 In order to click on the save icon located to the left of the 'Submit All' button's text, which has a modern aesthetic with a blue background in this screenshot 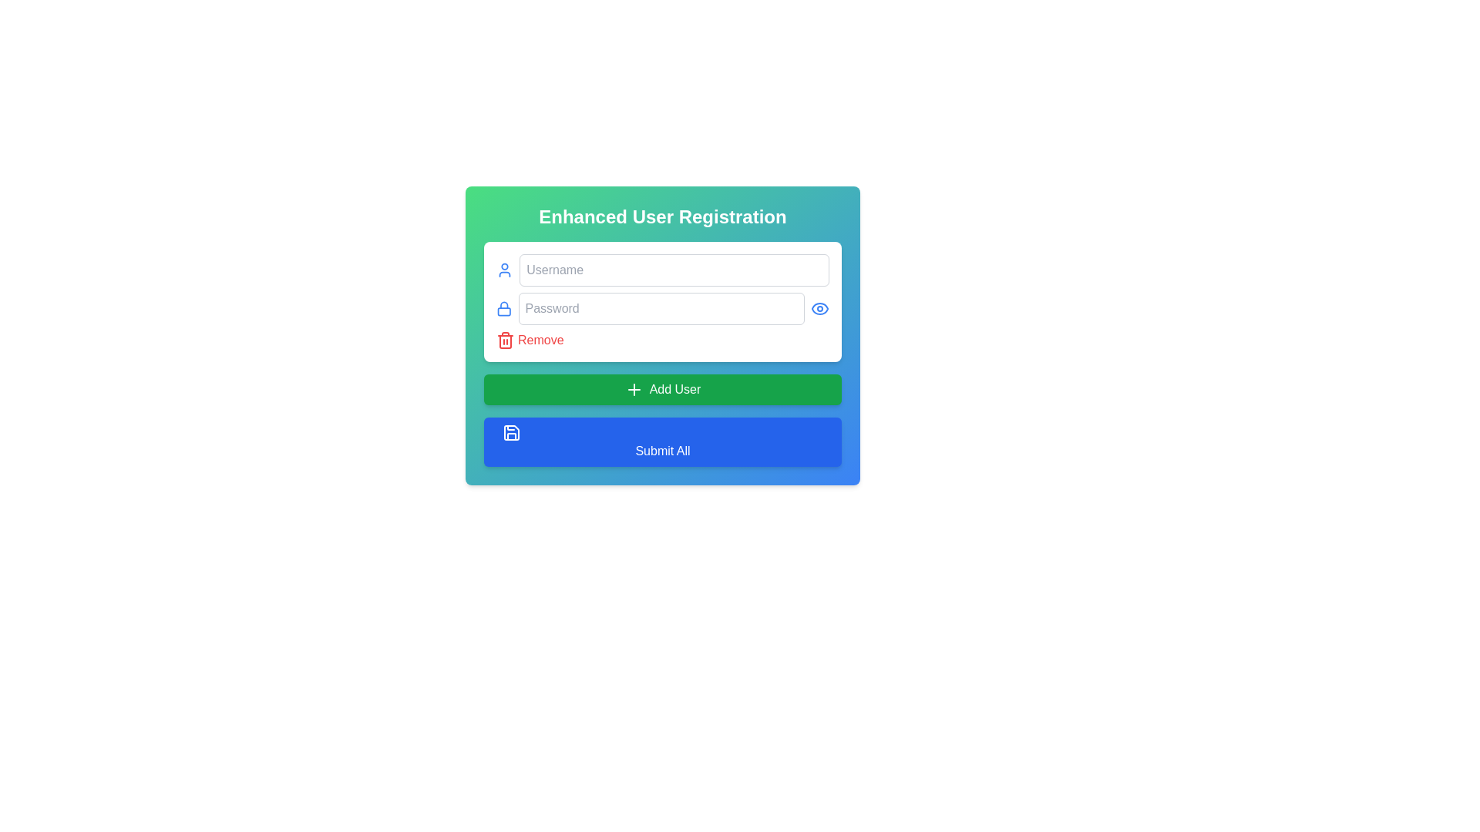, I will do `click(511, 433)`.